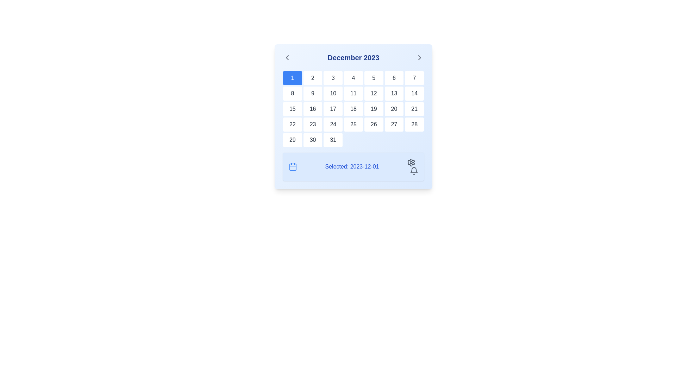 The height and width of the screenshot is (380, 676). I want to click on the calendar day cell representing December 4th, located in the first row and fourth column of the calendar grid, positioned between the cells displaying '3' and '5', so click(353, 78).